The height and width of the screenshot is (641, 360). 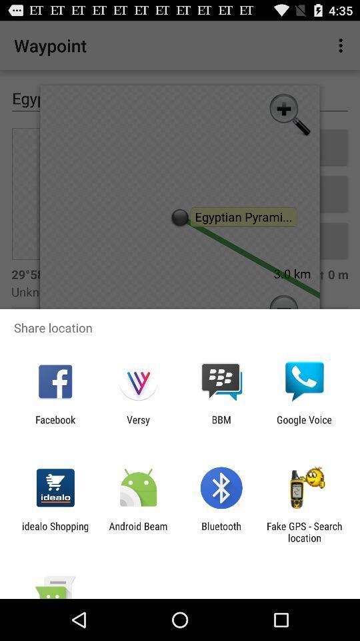 I want to click on google voice, so click(x=304, y=425).